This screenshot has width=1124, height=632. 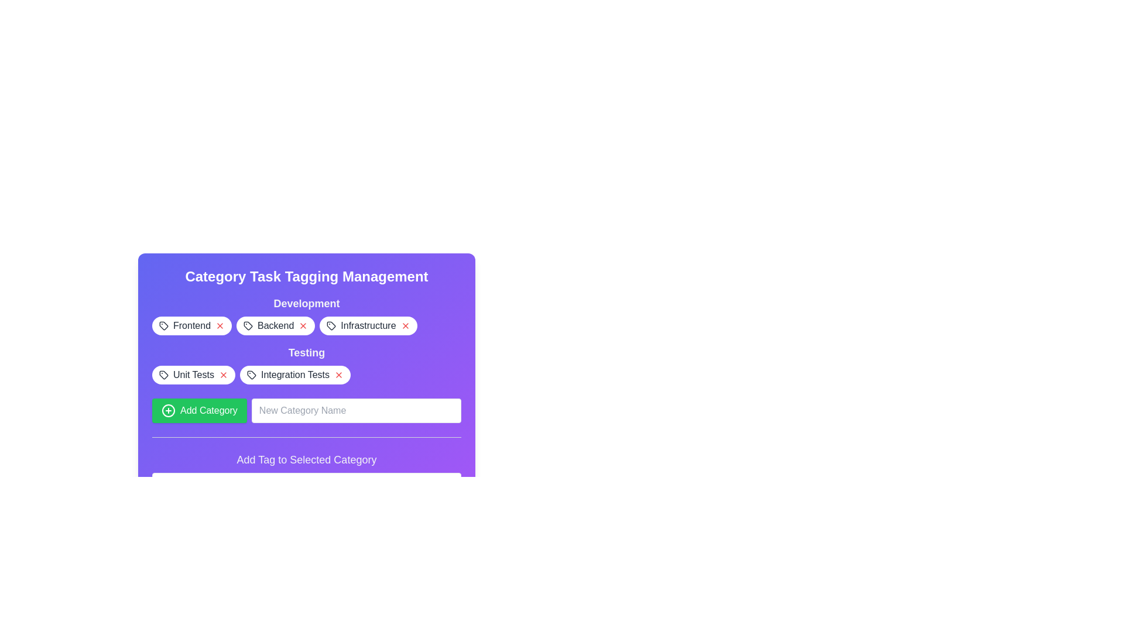 What do you see at coordinates (248, 325) in the screenshot?
I see `the decorative icon located to the left of the 'Backend' text in the 'Development' row of tags` at bounding box center [248, 325].